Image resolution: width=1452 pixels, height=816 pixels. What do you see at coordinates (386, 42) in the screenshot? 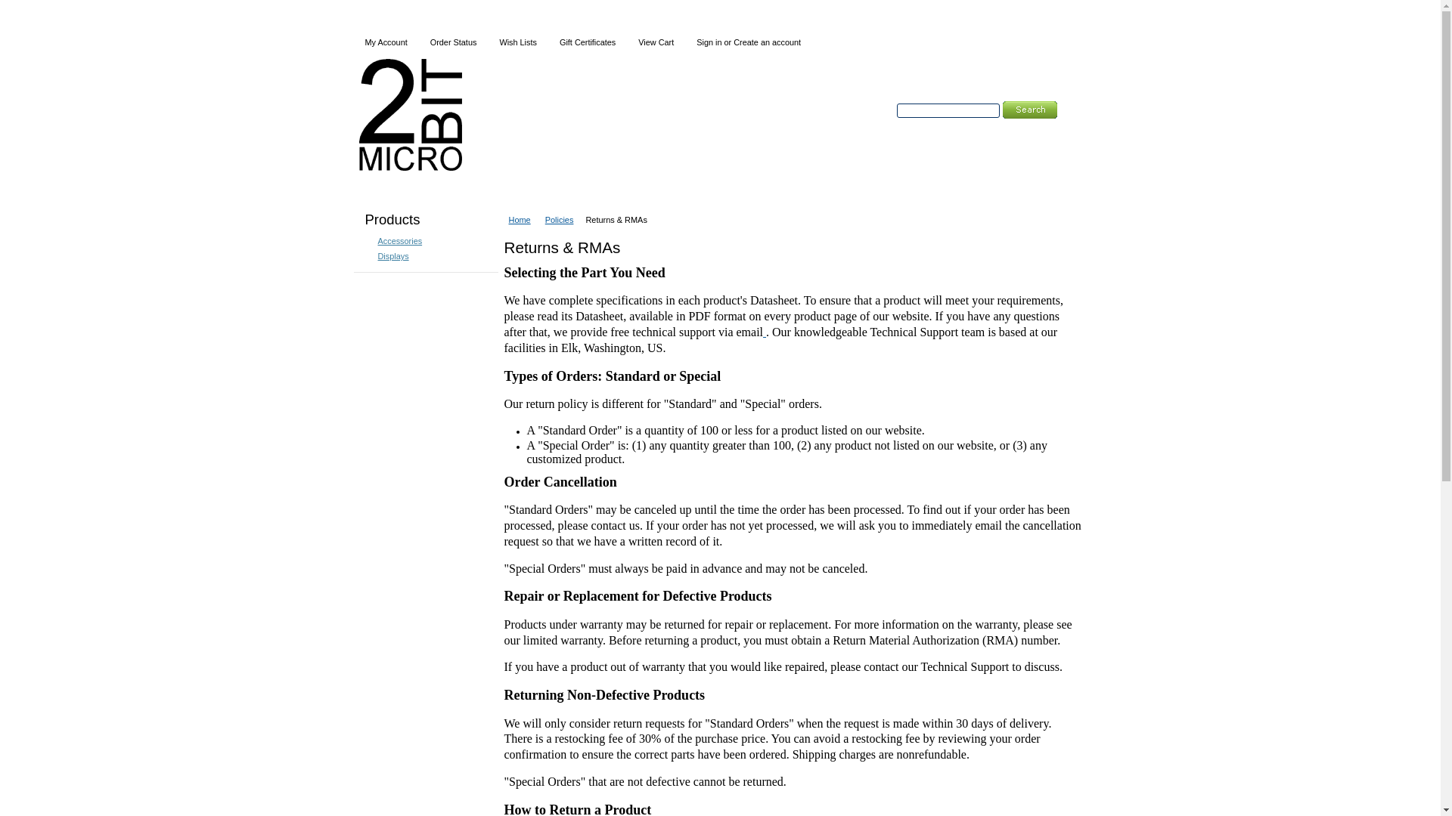
I see `'My Account'` at bounding box center [386, 42].